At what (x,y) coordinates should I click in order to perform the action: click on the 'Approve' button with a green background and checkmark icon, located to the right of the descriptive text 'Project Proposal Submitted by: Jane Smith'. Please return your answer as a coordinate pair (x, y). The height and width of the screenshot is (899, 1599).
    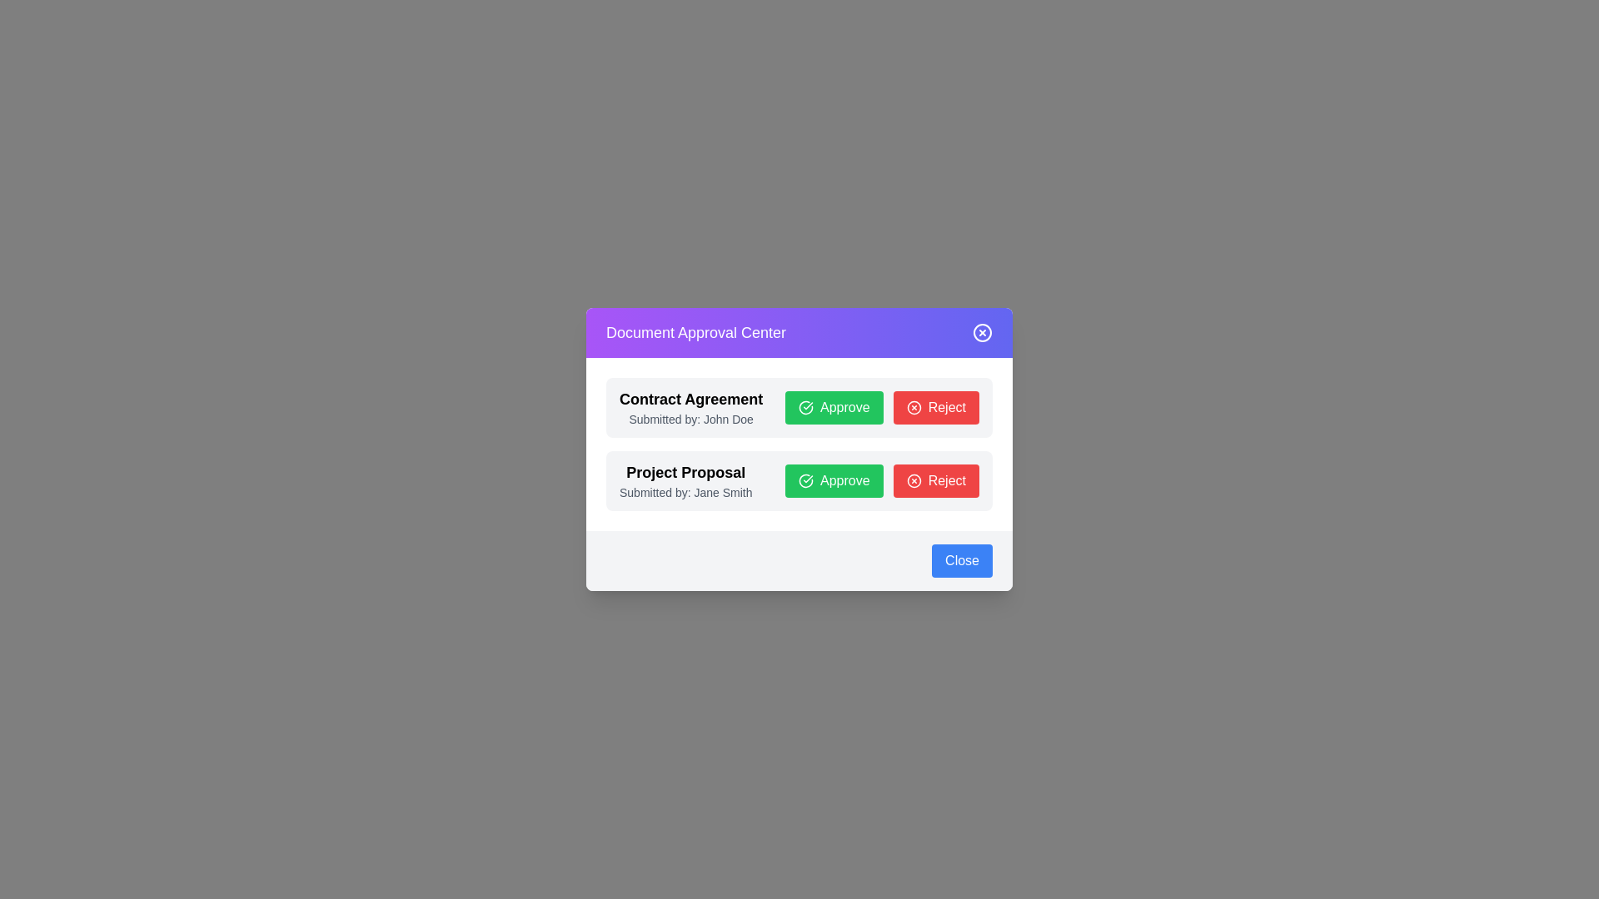
    Looking at the image, I should click on (834, 481).